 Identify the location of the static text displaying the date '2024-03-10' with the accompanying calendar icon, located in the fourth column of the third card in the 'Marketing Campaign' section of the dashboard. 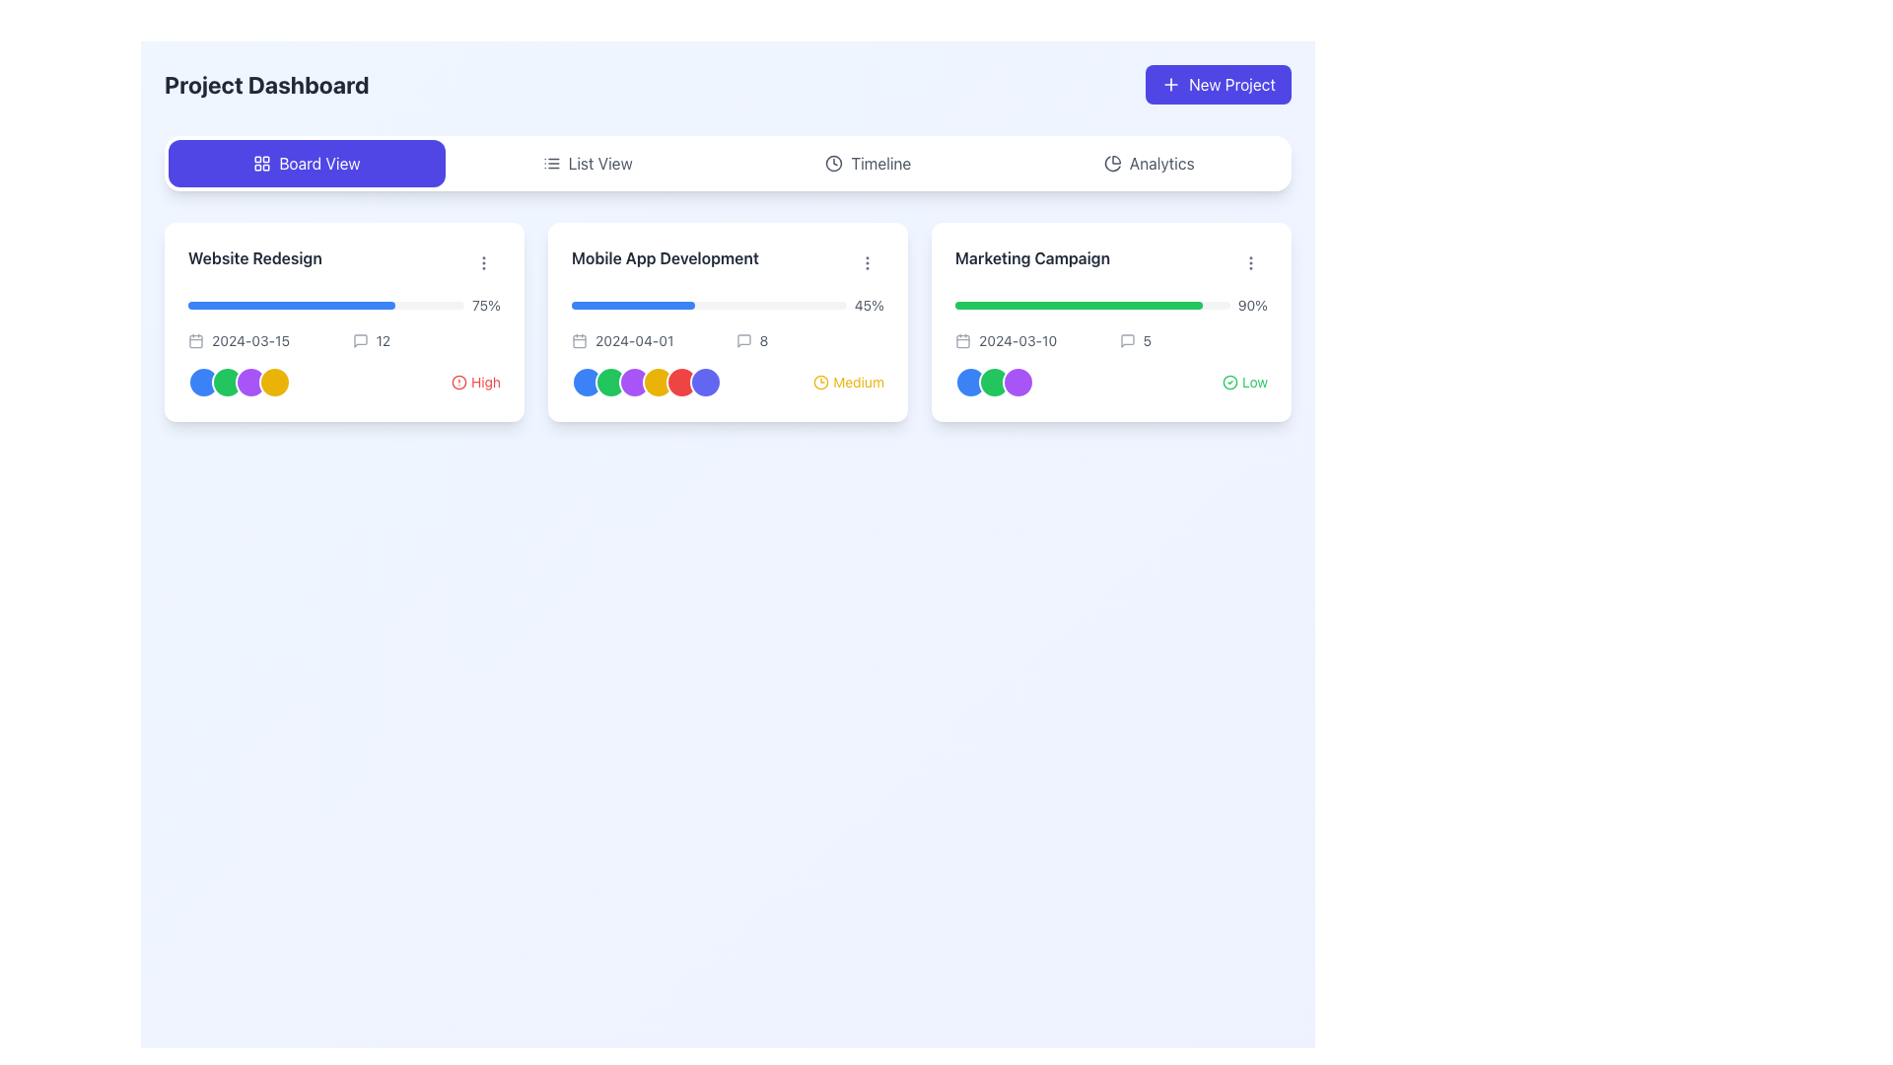
(1028, 340).